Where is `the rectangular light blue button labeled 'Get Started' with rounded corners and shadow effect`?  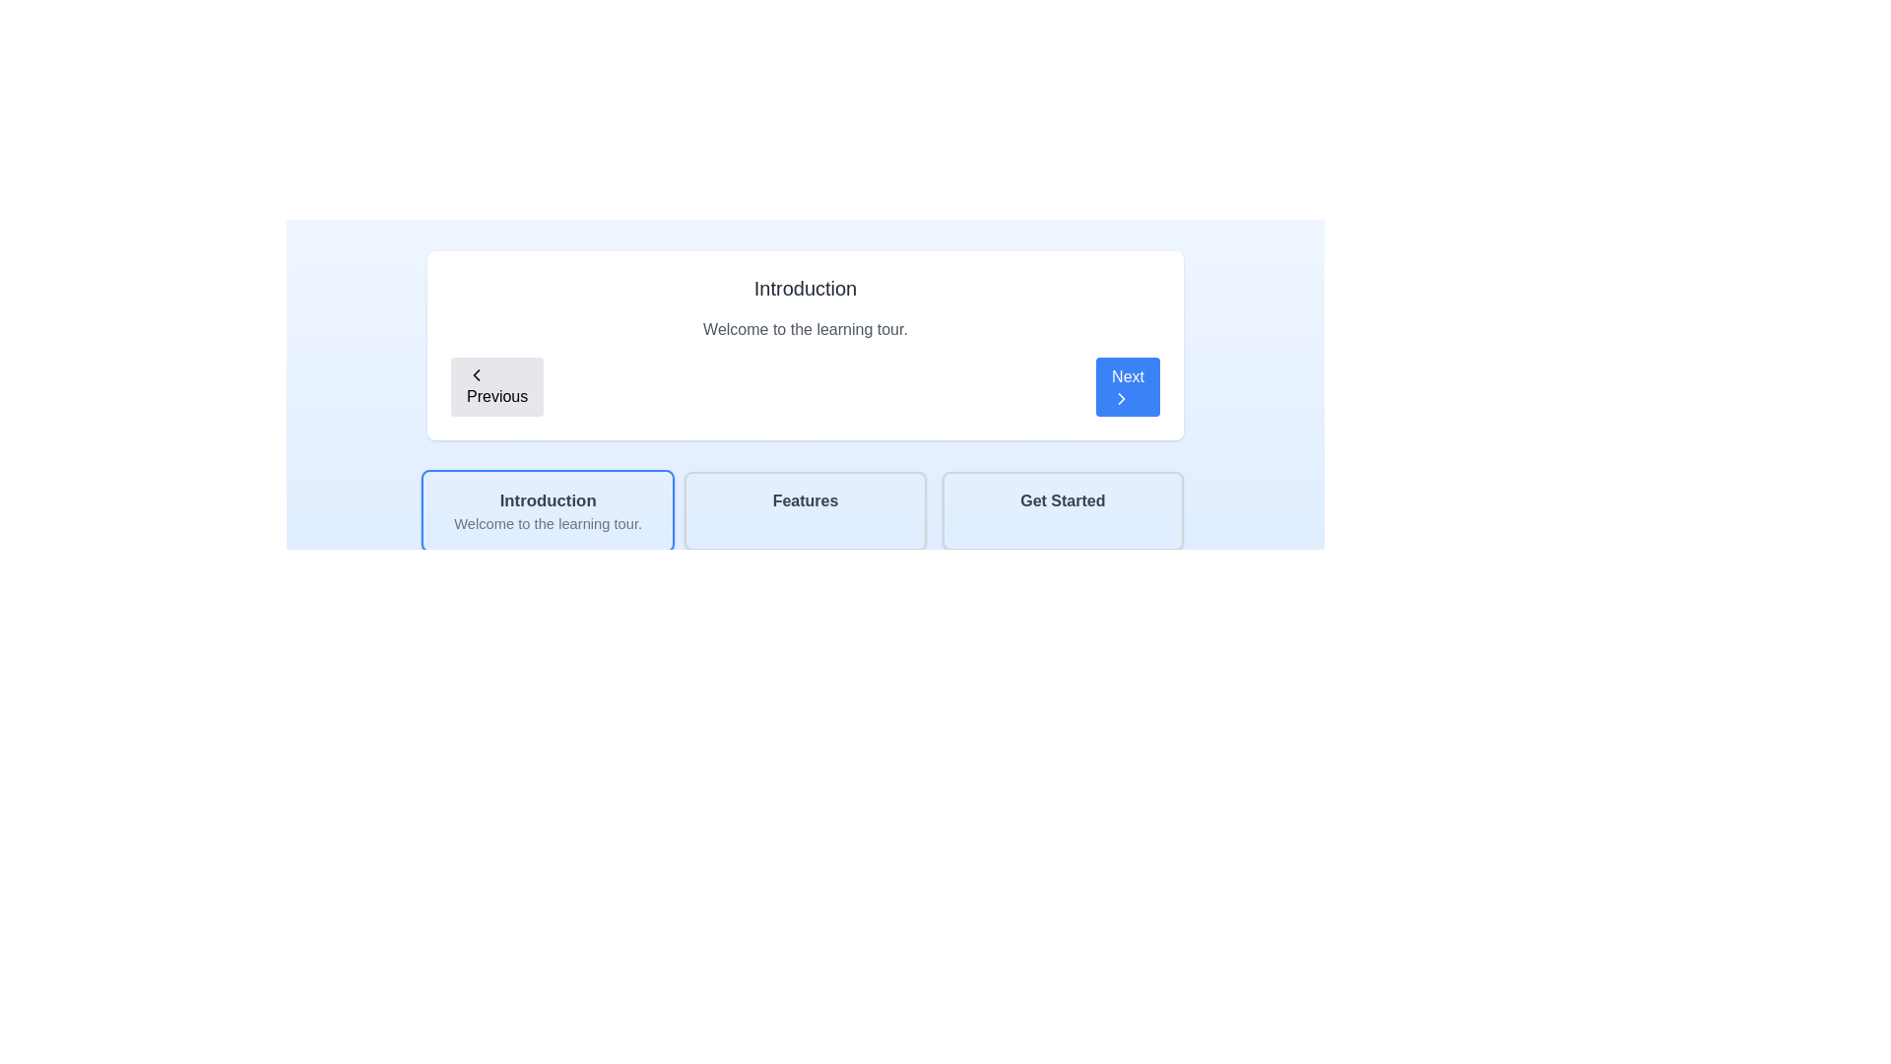 the rectangular light blue button labeled 'Get Started' with rounded corners and shadow effect is located at coordinates (1062, 510).